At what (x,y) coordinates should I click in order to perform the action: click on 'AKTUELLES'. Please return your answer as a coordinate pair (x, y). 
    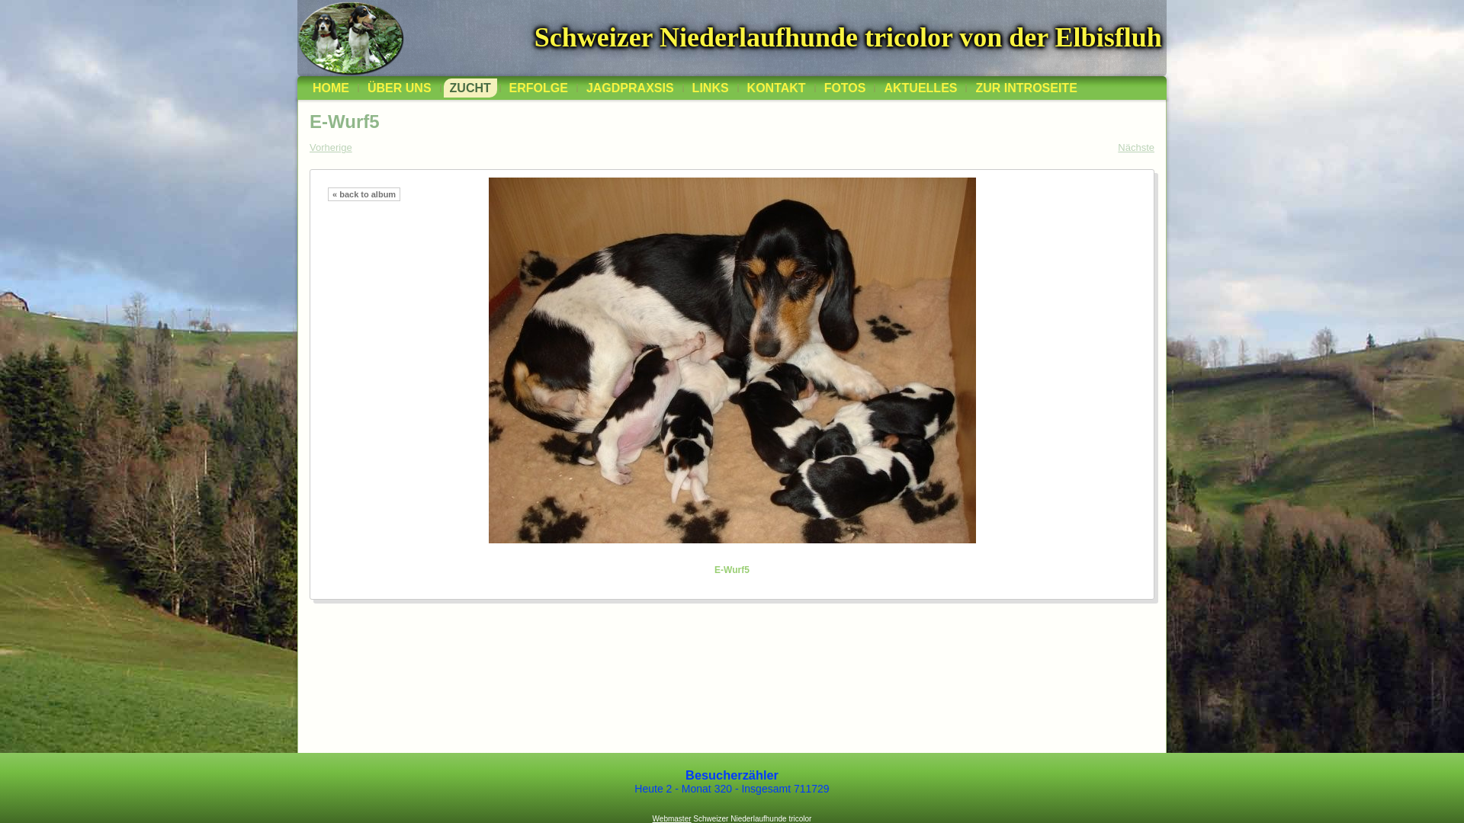
    Looking at the image, I should click on (919, 88).